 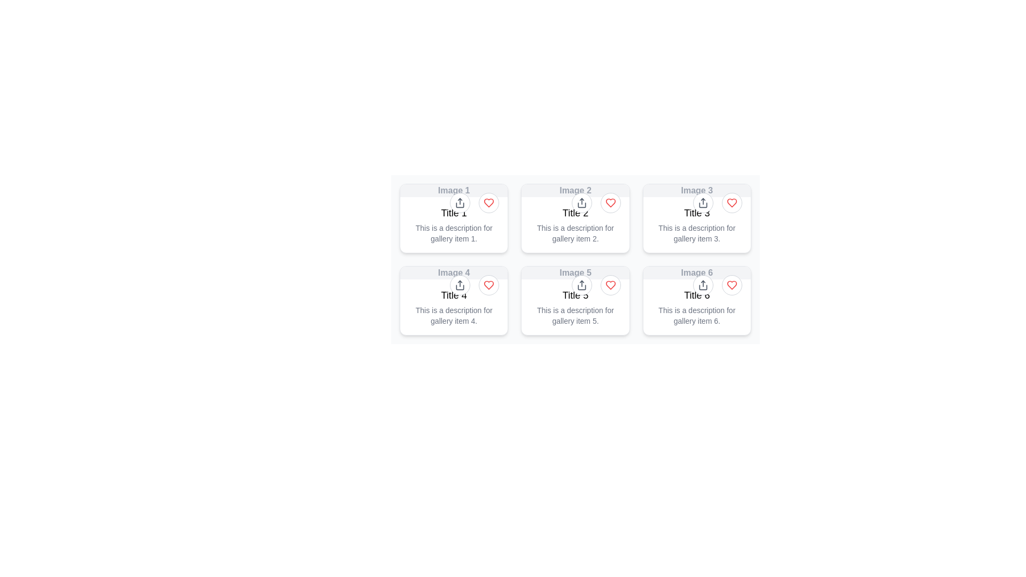 What do you see at coordinates (703, 284) in the screenshot?
I see `the share button for 'Image 6', located at the top-right corner of its card, to change its background color` at bounding box center [703, 284].